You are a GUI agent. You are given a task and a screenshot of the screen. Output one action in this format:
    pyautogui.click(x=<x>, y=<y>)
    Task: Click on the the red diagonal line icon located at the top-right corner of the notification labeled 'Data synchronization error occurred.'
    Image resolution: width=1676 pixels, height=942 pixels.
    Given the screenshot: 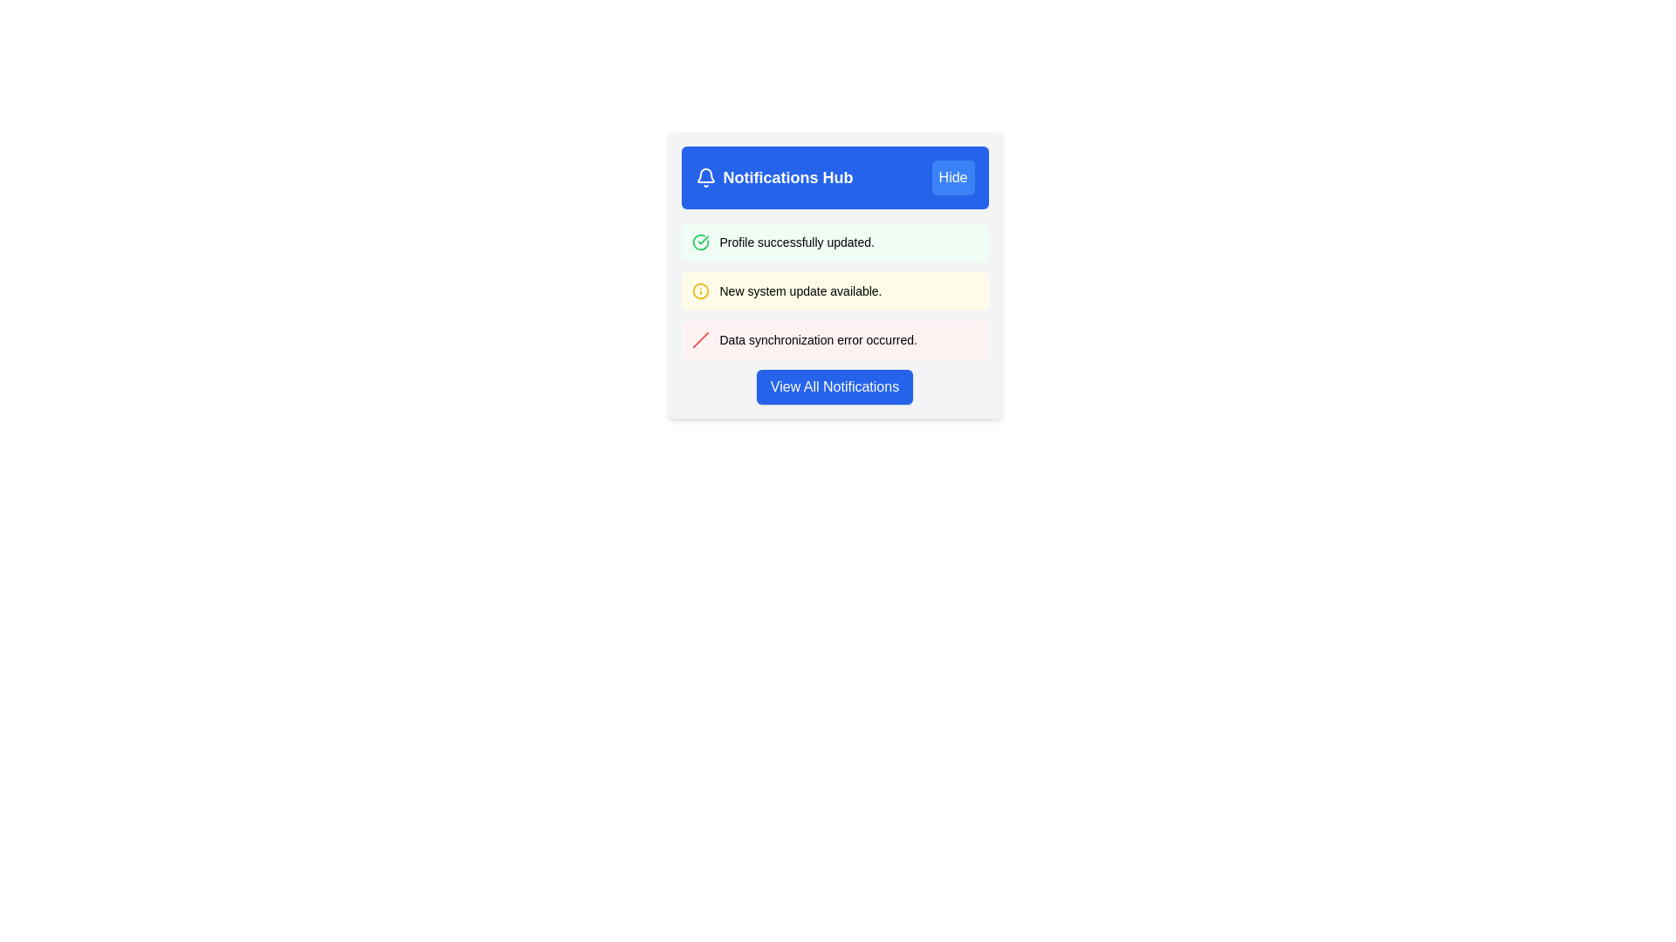 What is the action you would take?
    pyautogui.click(x=700, y=339)
    